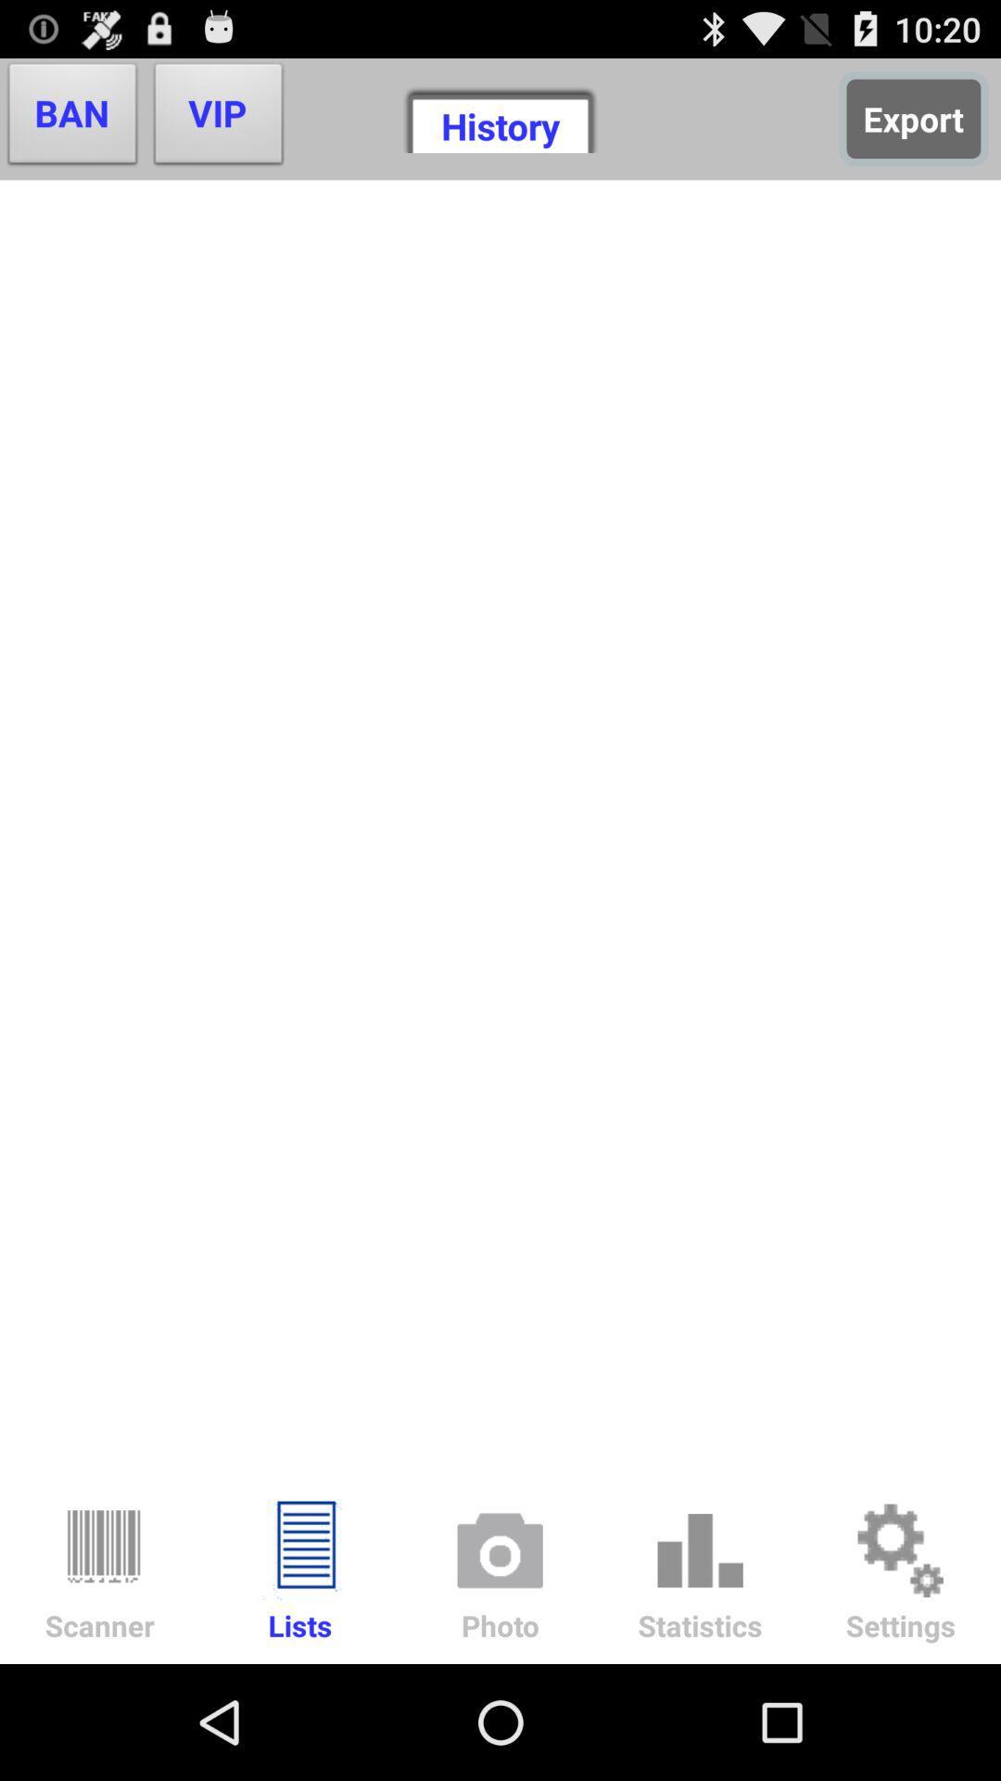  Describe the element at coordinates (71, 118) in the screenshot. I see `the ban item` at that location.